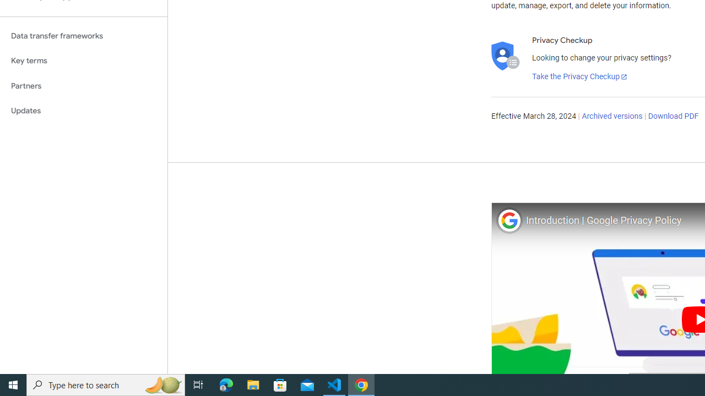  What do you see at coordinates (611, 117) in the screenshot?
I see `'Archived versions'` at bounding box center [611, 117].